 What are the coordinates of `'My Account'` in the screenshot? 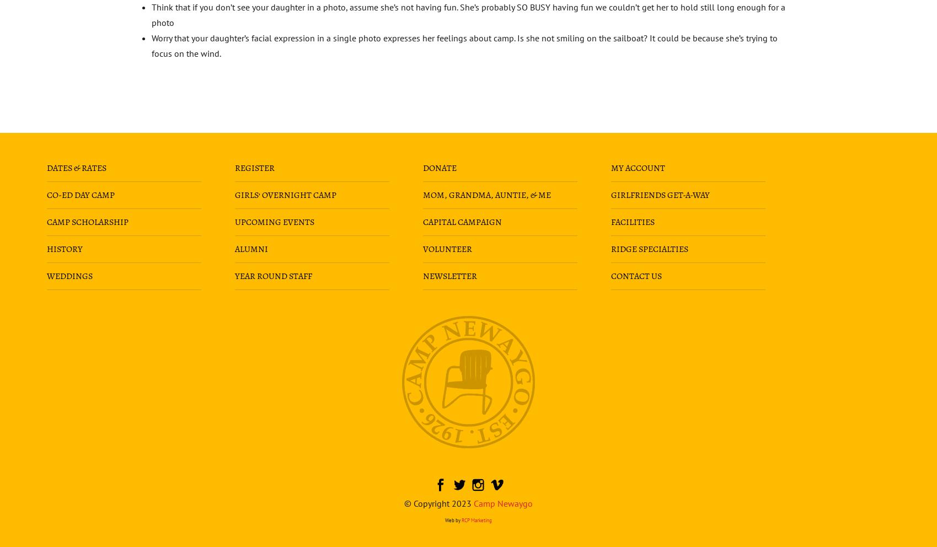 It's located at (638, 168).